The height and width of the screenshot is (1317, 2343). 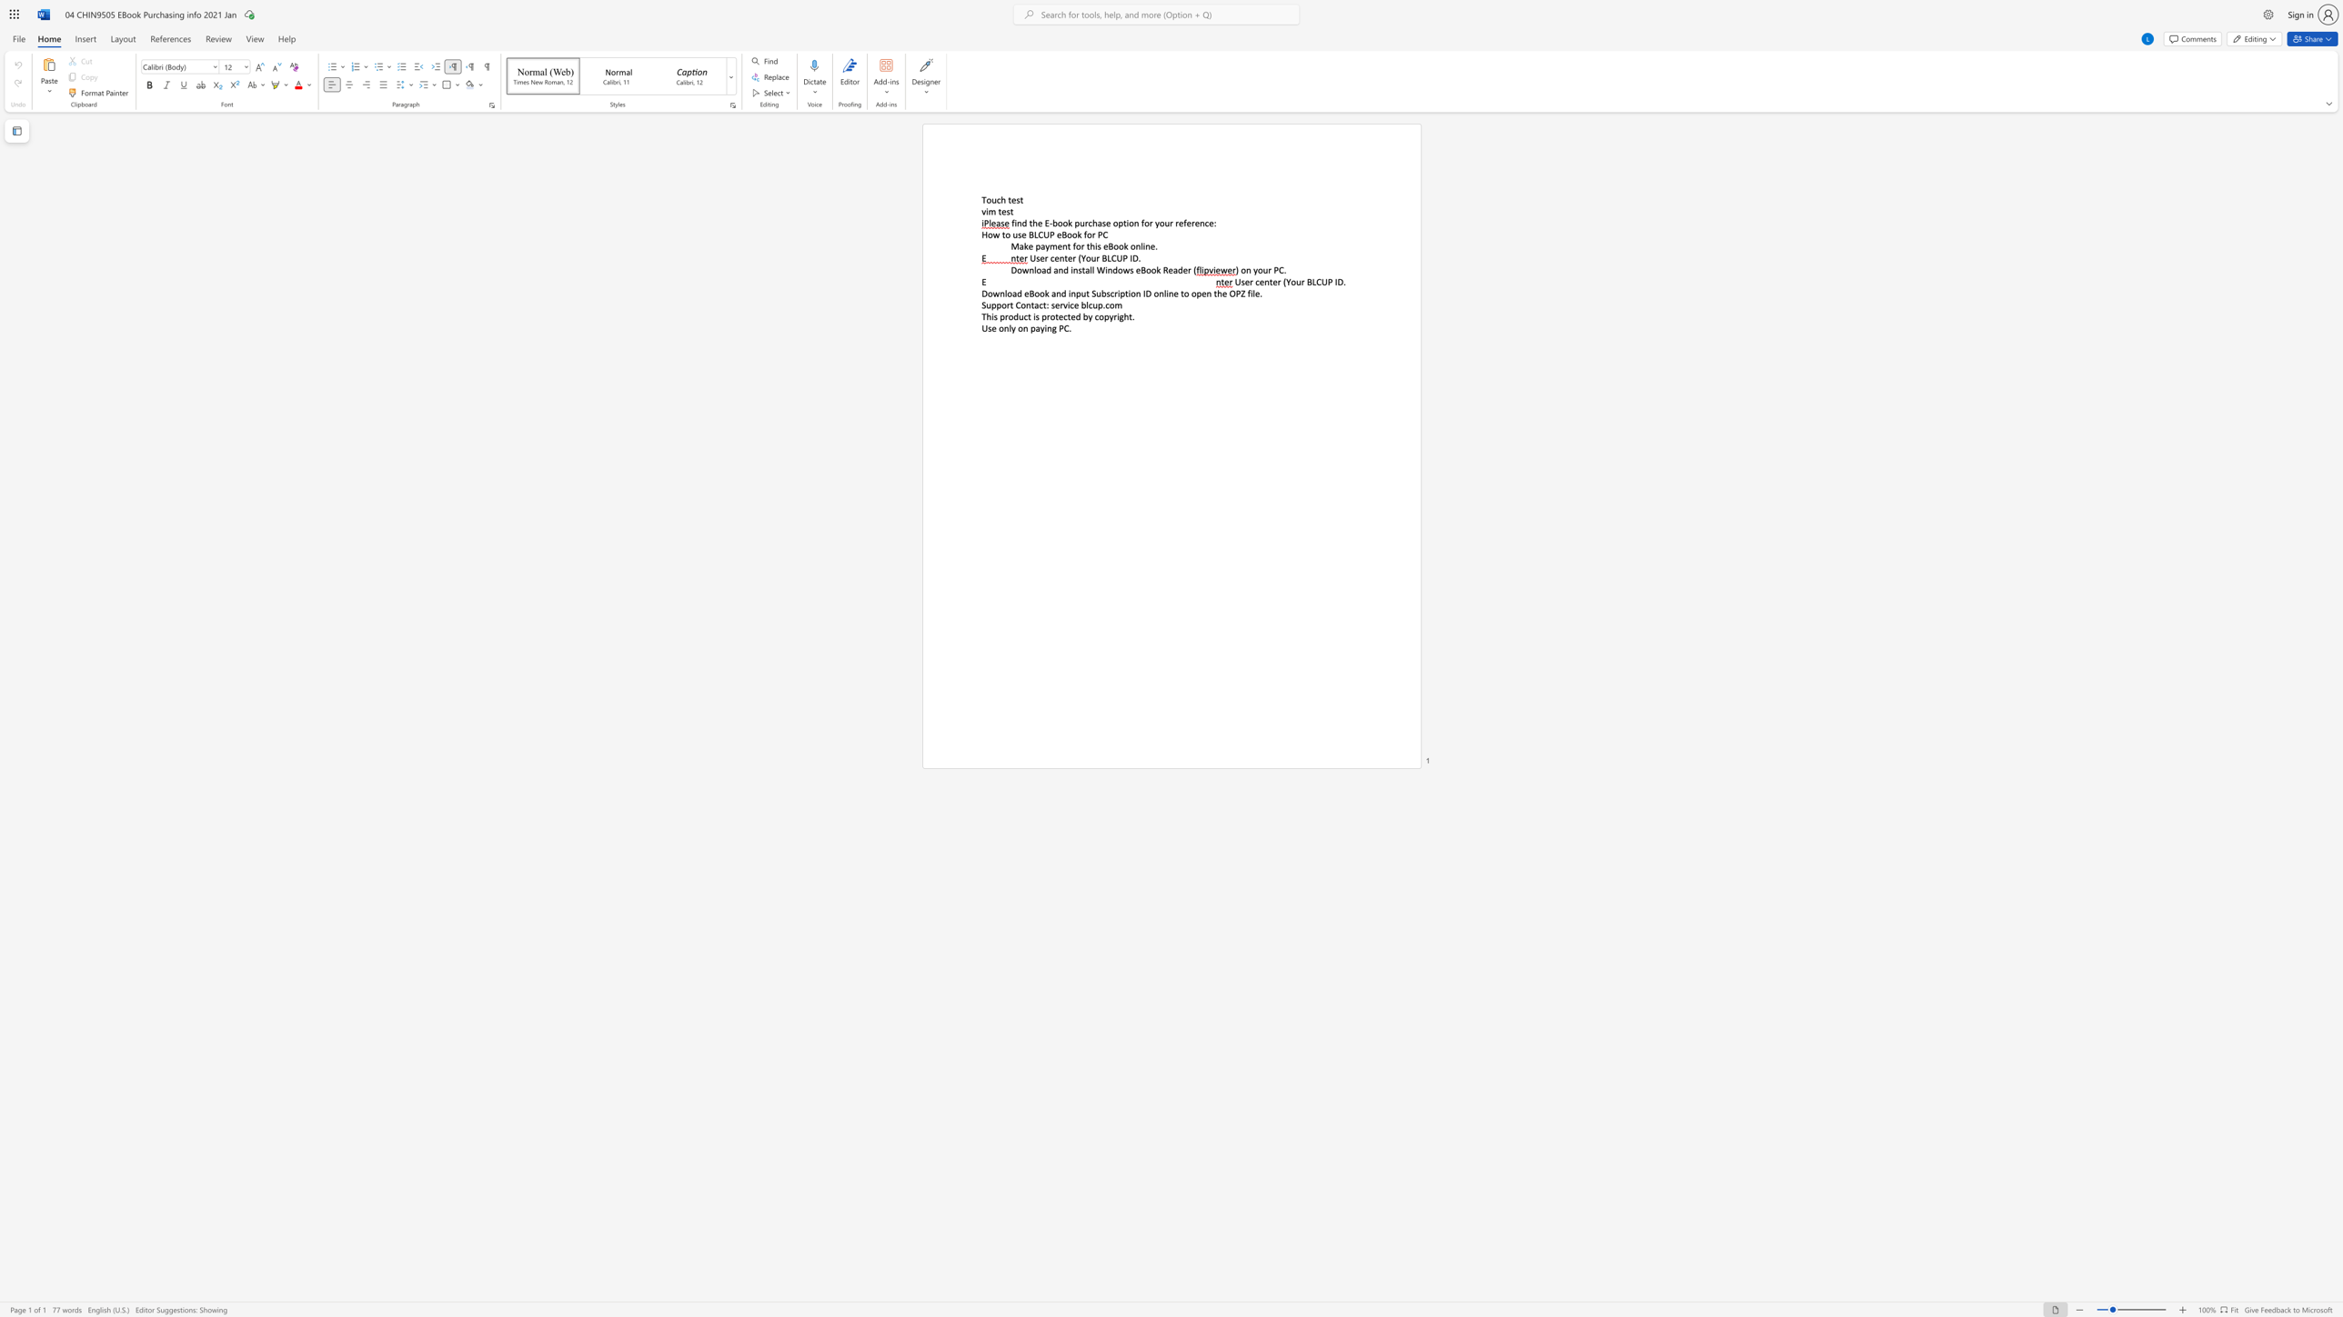 What do you see at coordinates (1049, 315) in the screenshot?
I see `the subset text "otect" within the text "This product is protected by copyright."` at bounding box center [1049, 315].